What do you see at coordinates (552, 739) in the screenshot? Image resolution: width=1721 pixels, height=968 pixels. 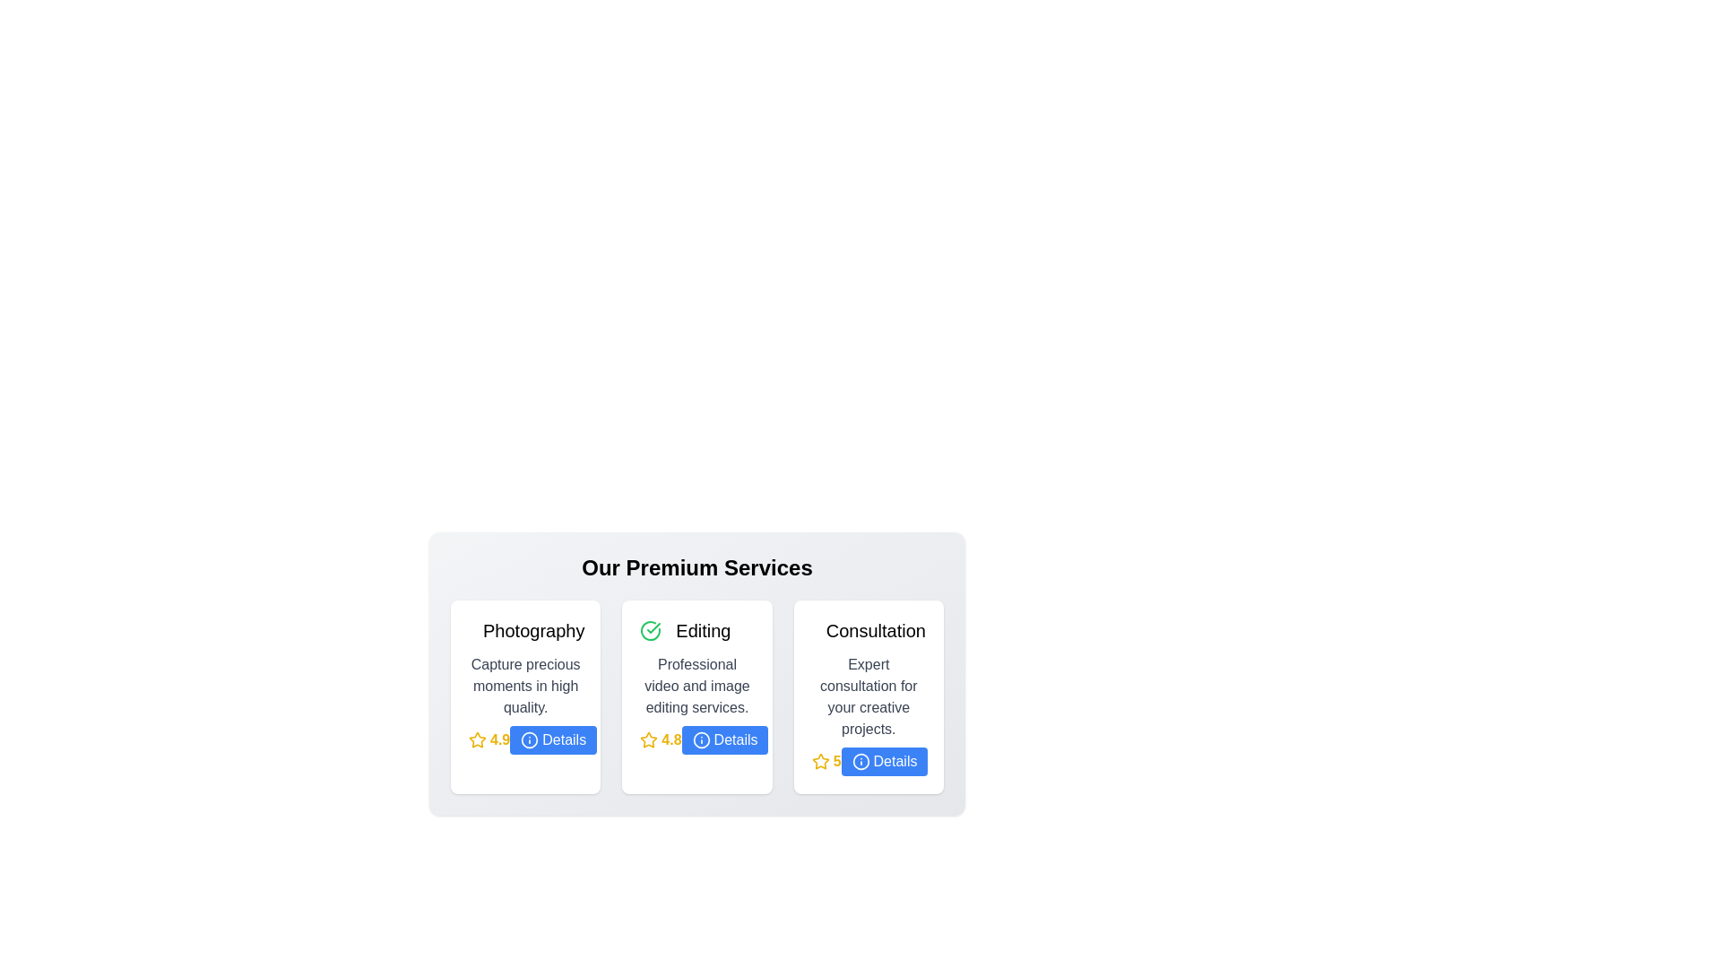 I see `'Details' button for the Photography service` at bounding box center [552, 739].